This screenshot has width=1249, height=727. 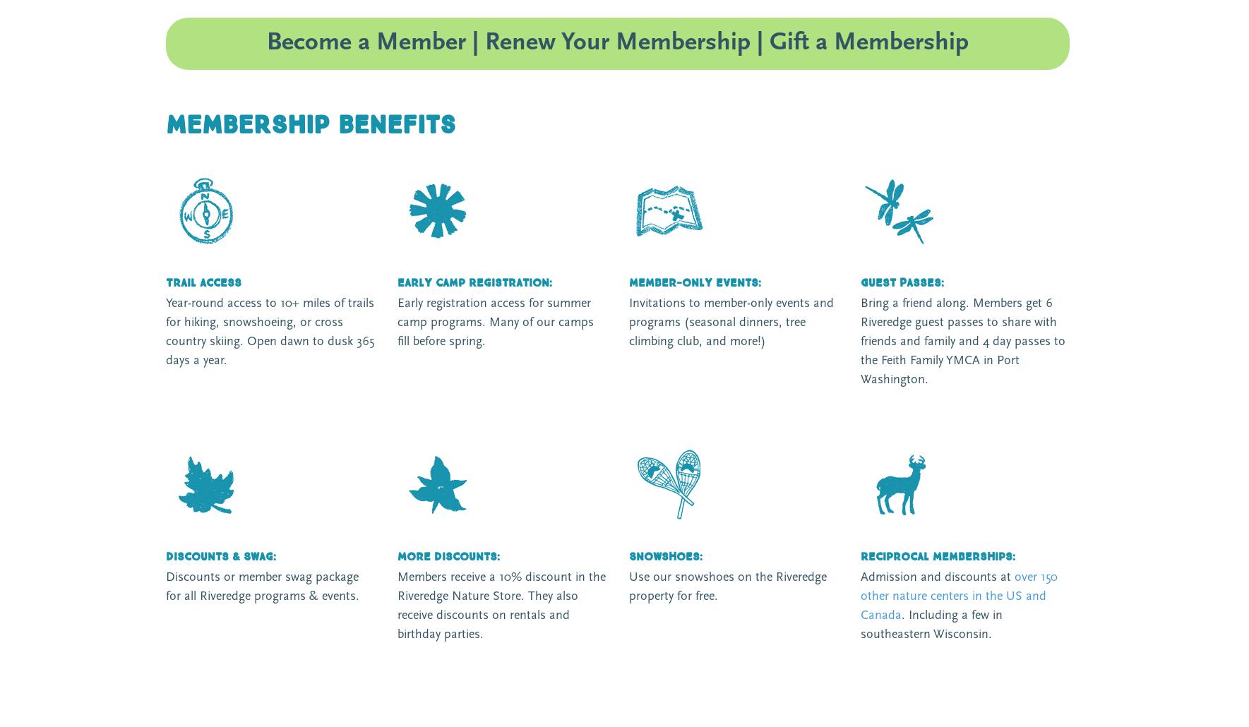 I want to click on 'Become a Member | Renew Your Membership | Gift a Membership', so click(x=616, y=42).